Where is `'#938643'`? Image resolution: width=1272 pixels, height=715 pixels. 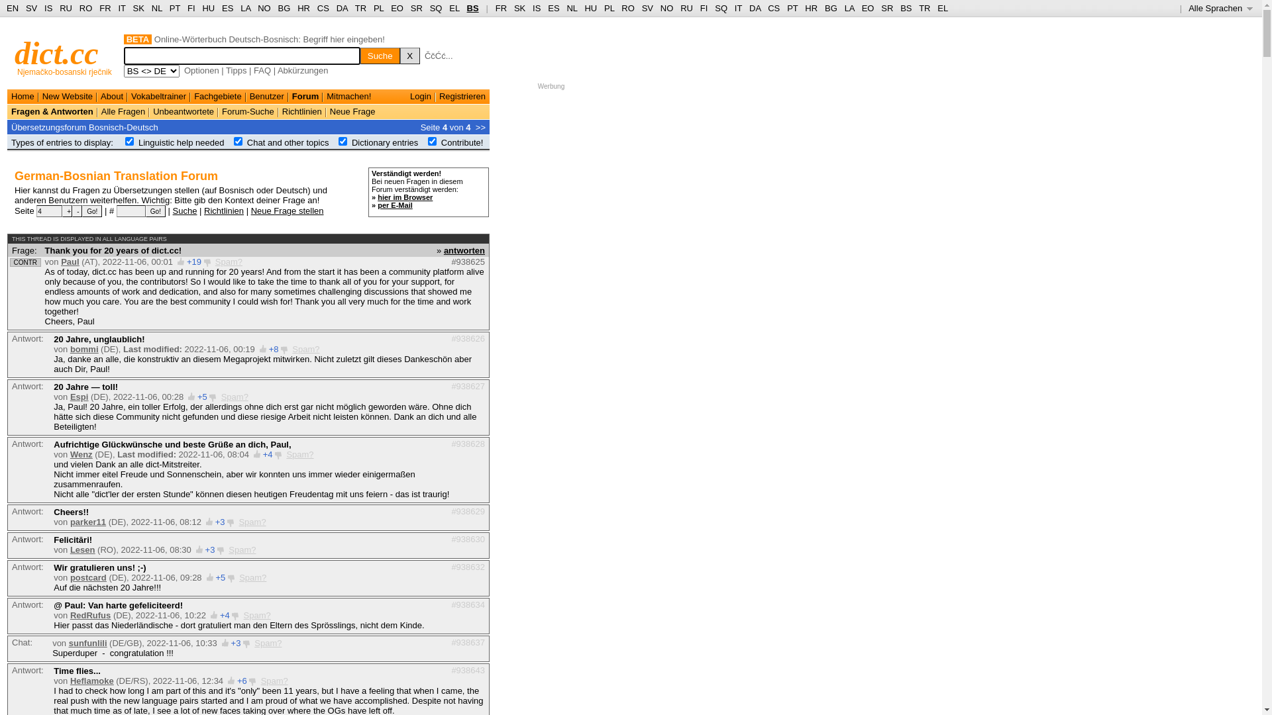
'#938643' is located at coordinates (468, 669).